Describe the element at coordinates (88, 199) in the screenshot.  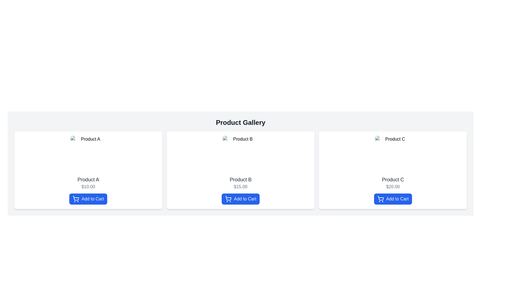
I see `the 'Add to Cart' button, which is a rectangular button with a blue background and white text` at that location.